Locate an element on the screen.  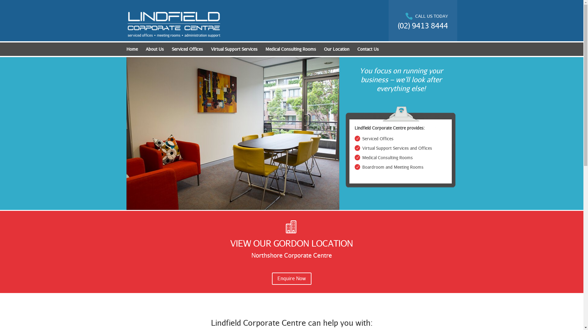
'Home' is located at coordinates (126, 50).